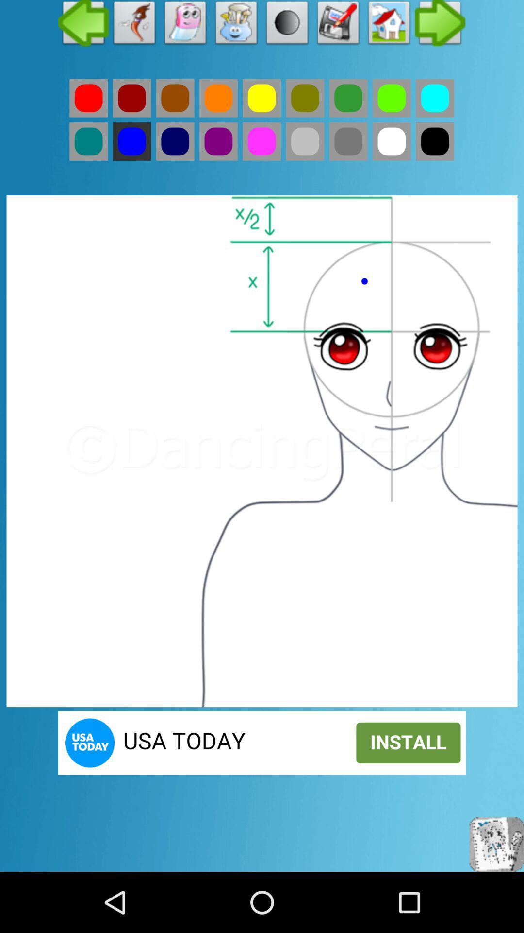  Describe the element at coordinates (338, 25) in the screenshot. I see `image` at that location.